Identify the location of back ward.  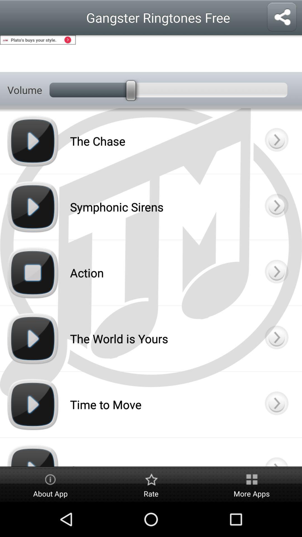
(276, 404).